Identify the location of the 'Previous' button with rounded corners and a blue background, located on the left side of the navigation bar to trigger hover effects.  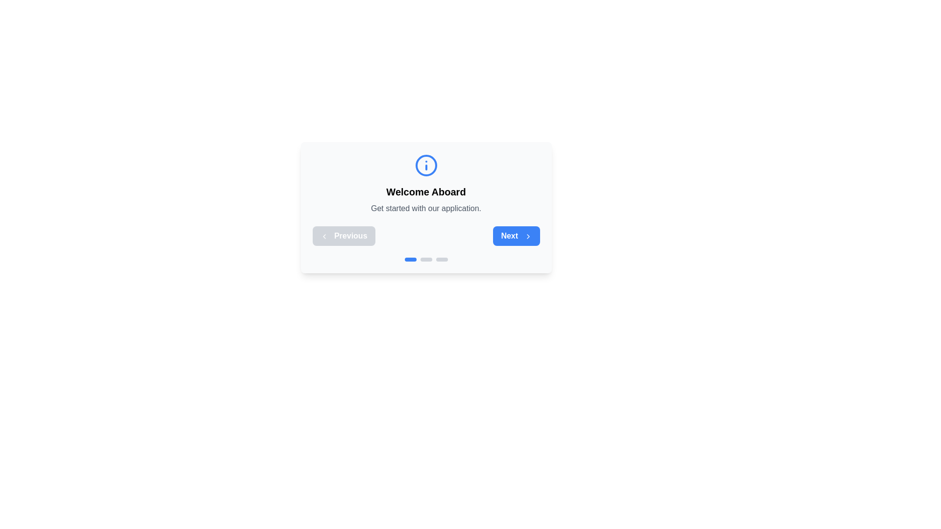
(344, 236).